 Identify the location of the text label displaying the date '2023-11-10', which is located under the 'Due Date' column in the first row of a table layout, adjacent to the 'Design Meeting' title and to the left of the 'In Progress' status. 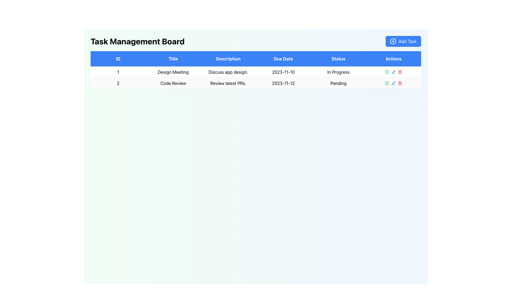
(283, 72).